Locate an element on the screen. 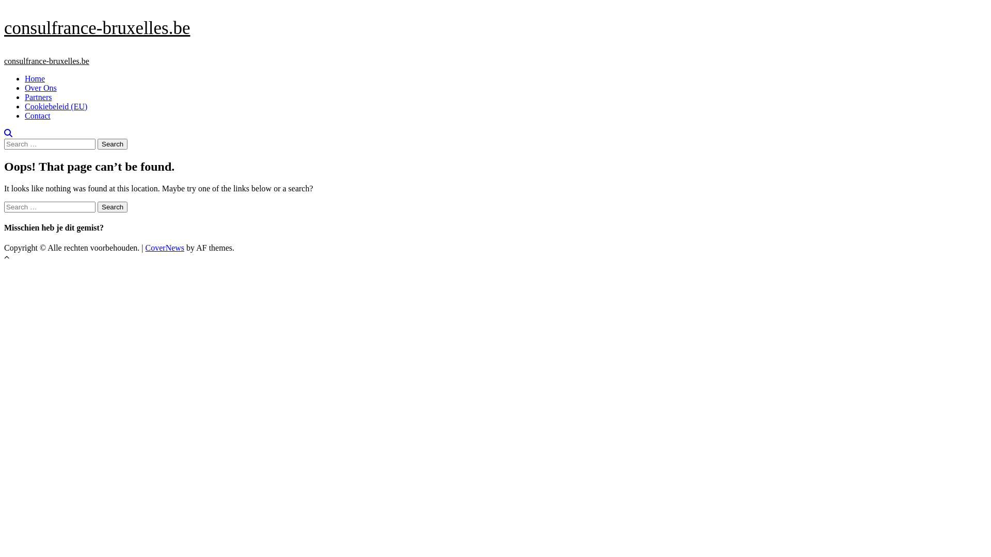 This screenshot has width=991, height=557. 'CoverNews' is located at coordinates (145, 248).